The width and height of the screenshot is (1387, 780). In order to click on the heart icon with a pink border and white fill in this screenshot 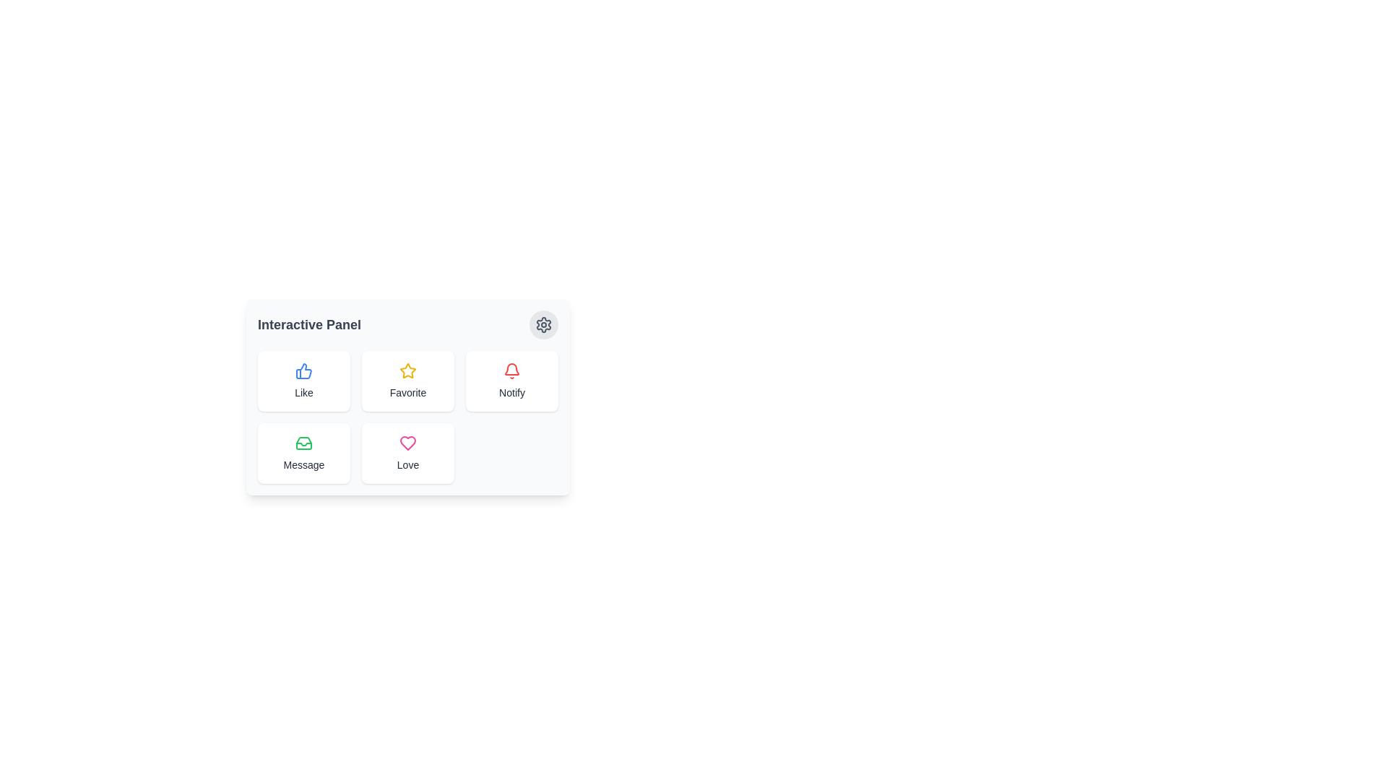, I will do `click(407, 442)`.